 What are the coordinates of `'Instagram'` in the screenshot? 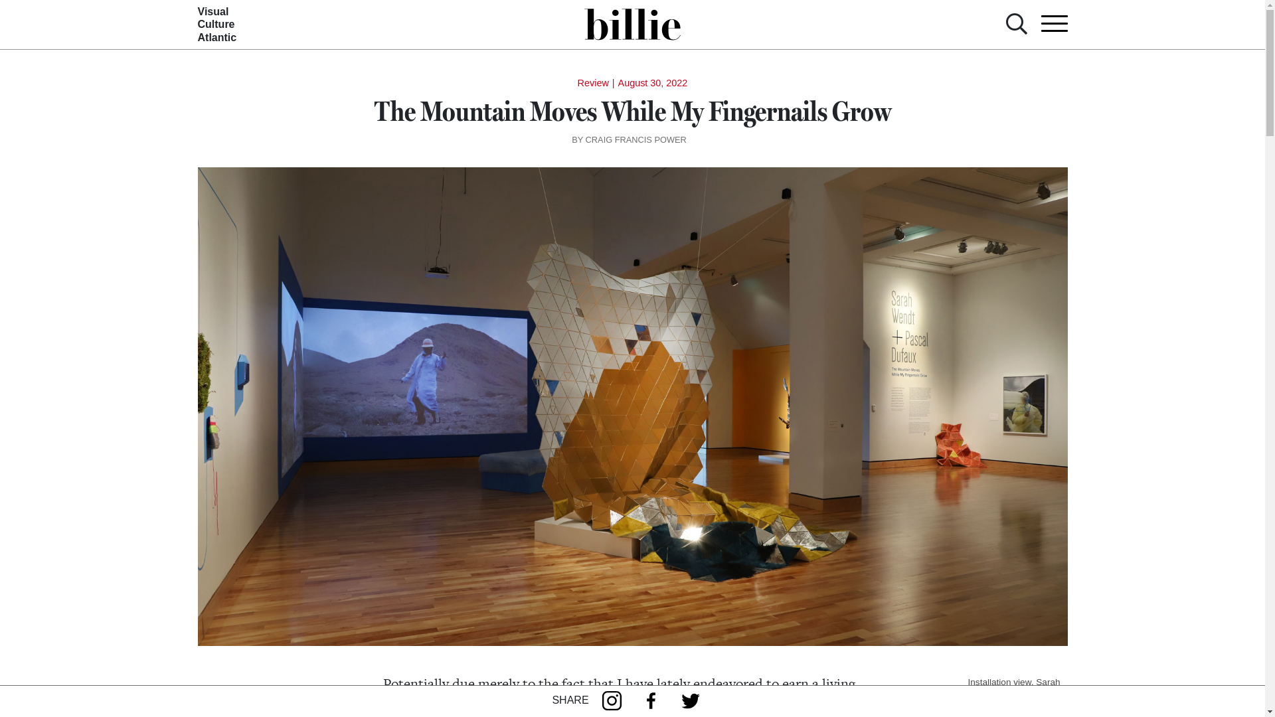 It's located at (614, 700).